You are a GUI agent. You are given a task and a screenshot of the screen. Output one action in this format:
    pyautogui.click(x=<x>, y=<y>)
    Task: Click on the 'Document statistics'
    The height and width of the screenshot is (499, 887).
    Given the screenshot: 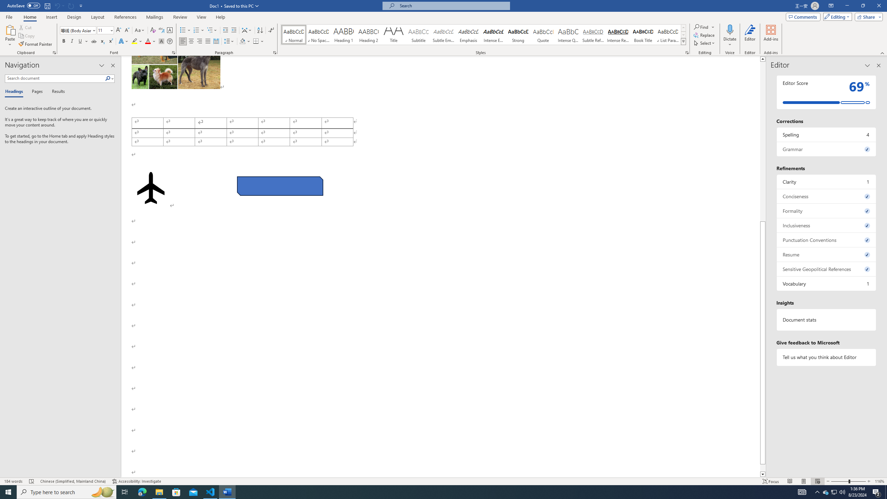 What is the action you would take?
    pyautogui.click(x=826, y=319)
    